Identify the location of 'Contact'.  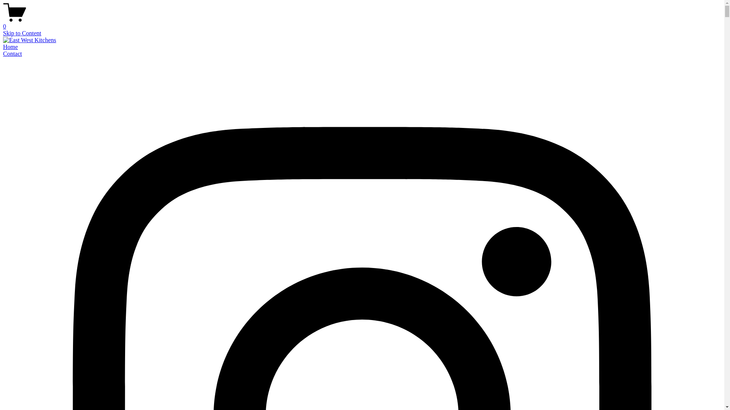
(3, 53).